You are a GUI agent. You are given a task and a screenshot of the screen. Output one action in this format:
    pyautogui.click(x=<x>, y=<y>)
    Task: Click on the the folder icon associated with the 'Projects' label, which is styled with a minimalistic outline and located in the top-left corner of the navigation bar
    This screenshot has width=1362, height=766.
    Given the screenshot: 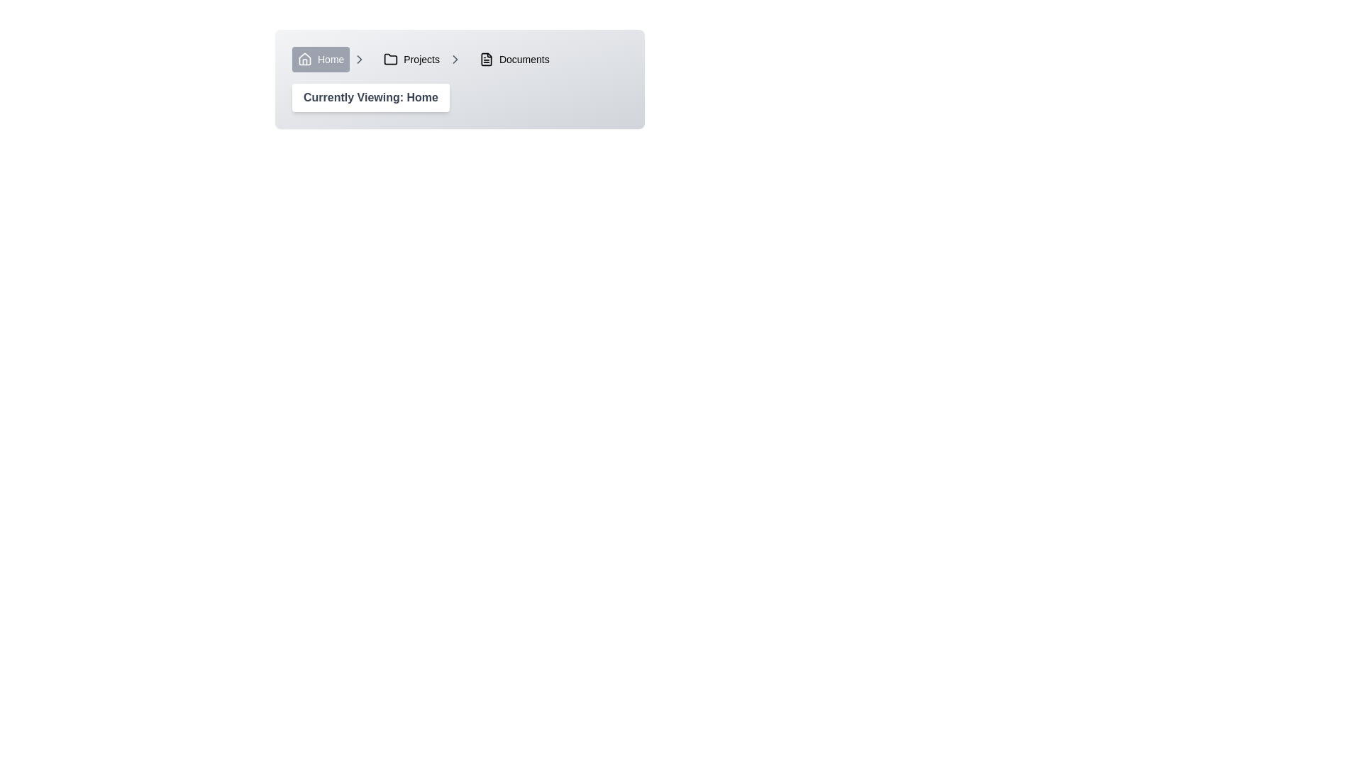 What is the action you would take?
    pyautogui.click(x=391, y=59)
    